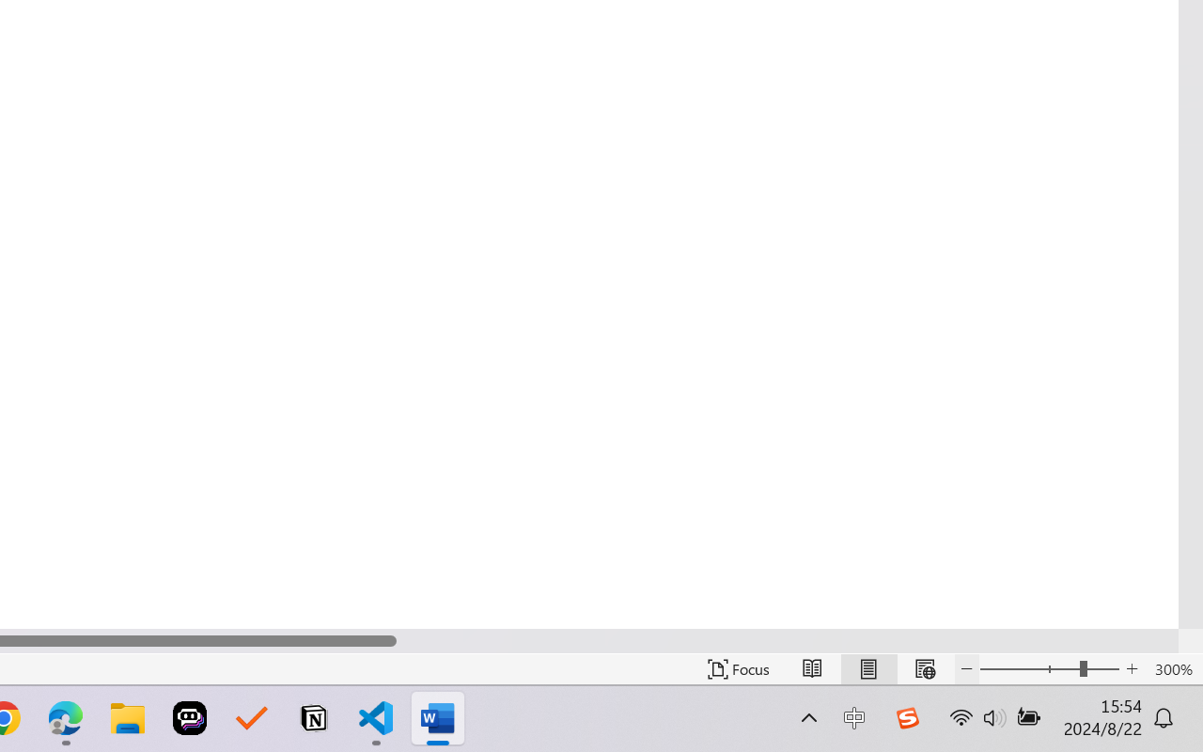 The width and height of the screenshot is (1203, 752). Describe the element at coordinates (1048, 668) in the screenshot. I see `'Zoom'` at that location.